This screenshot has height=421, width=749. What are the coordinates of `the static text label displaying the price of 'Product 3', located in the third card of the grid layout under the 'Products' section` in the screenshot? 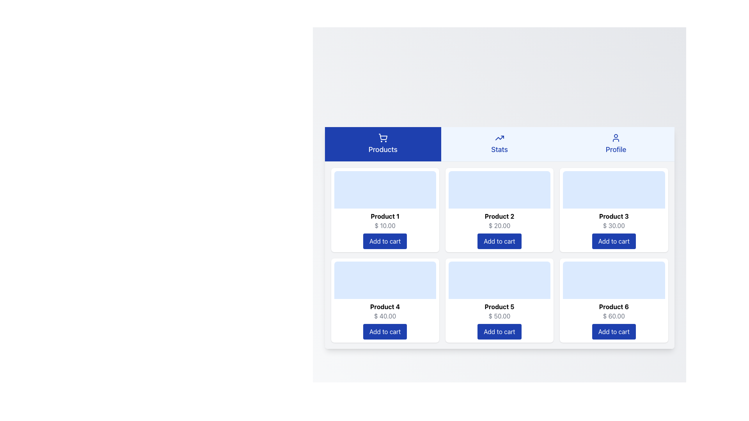 It's located at (613, 225).